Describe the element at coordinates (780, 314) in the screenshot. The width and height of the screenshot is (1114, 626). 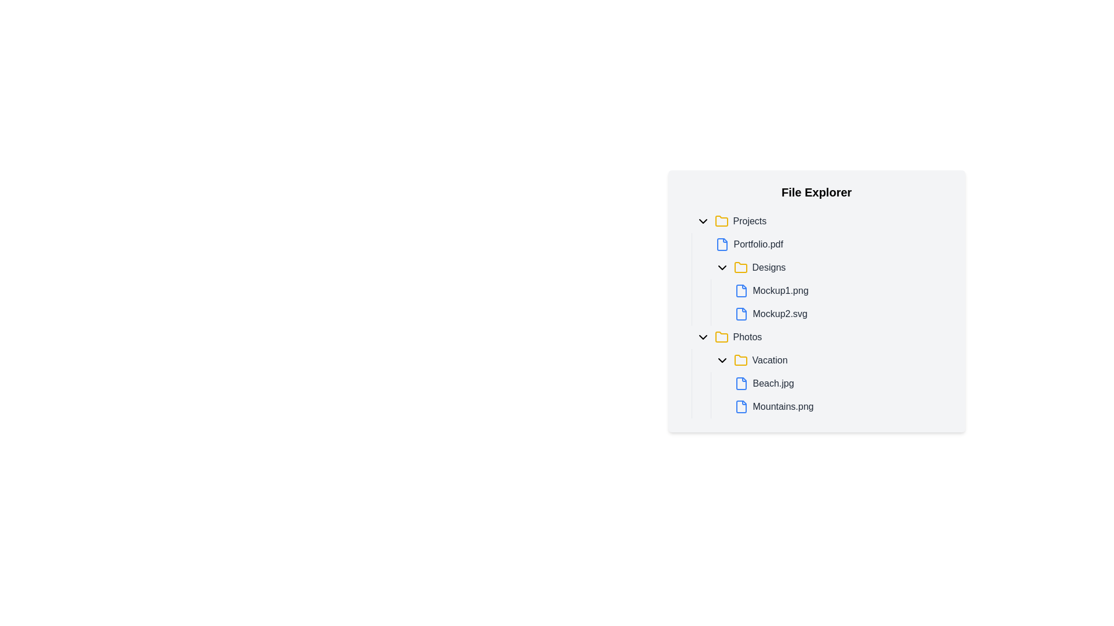
I see `the text label displaying 'Mockup2.svg' in the 'Designs' folder of the file explorer interface` at that location.